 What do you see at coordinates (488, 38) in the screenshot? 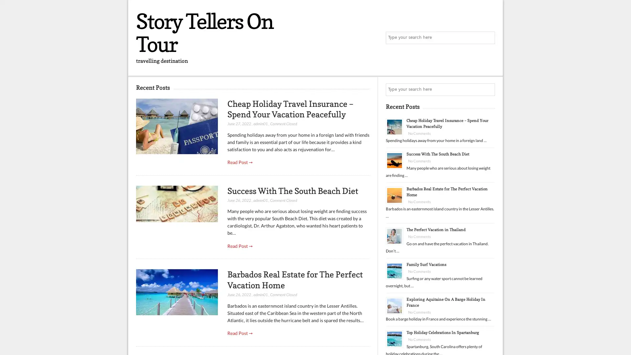
I see `Search` at bounding box center [488, 38].